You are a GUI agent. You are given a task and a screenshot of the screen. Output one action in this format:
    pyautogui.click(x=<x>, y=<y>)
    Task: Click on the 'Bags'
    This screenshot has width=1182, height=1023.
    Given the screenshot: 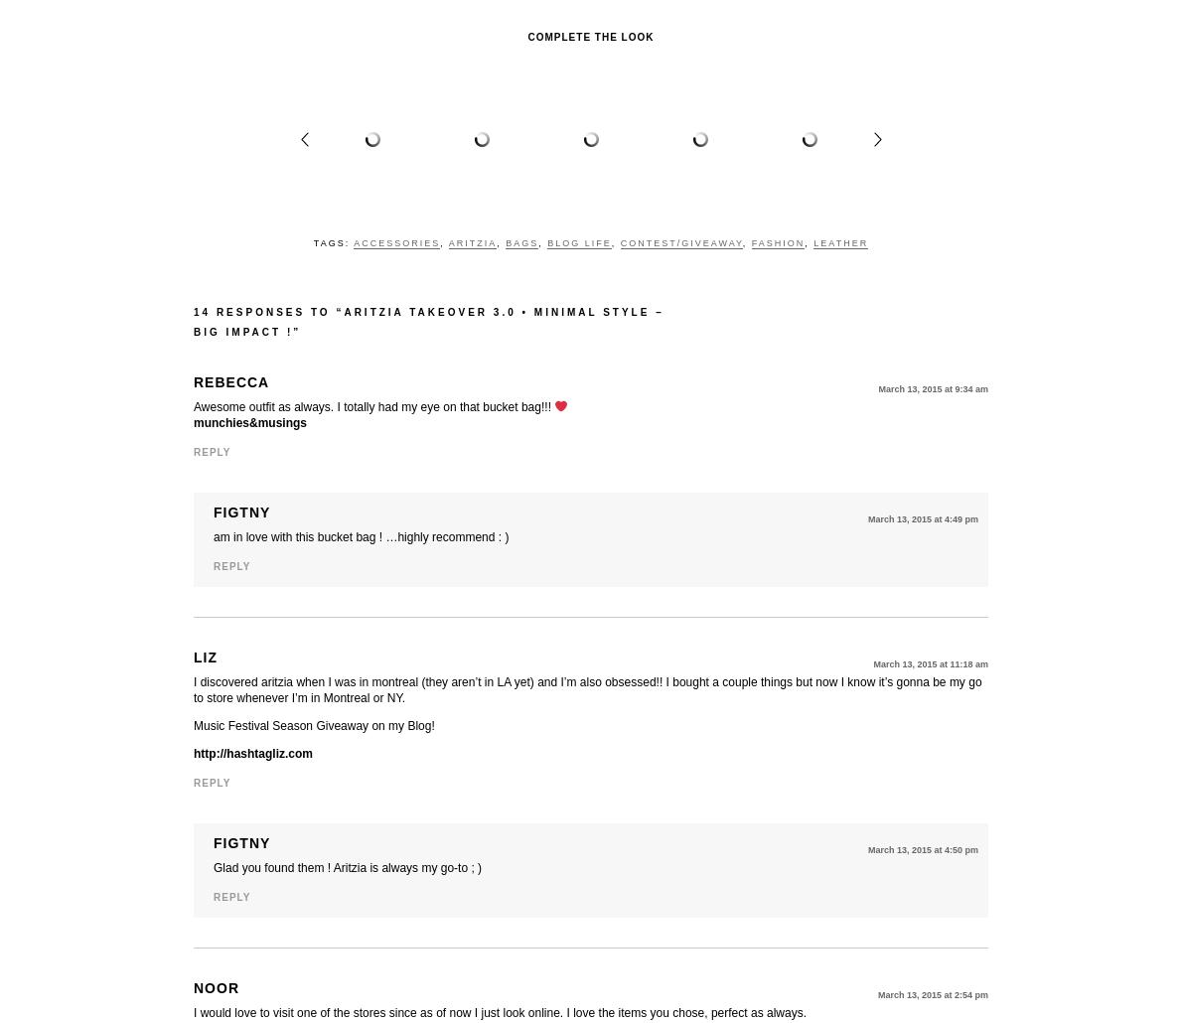 What is the action you would take?
    pyautogui.click(x=520, y=243)
    